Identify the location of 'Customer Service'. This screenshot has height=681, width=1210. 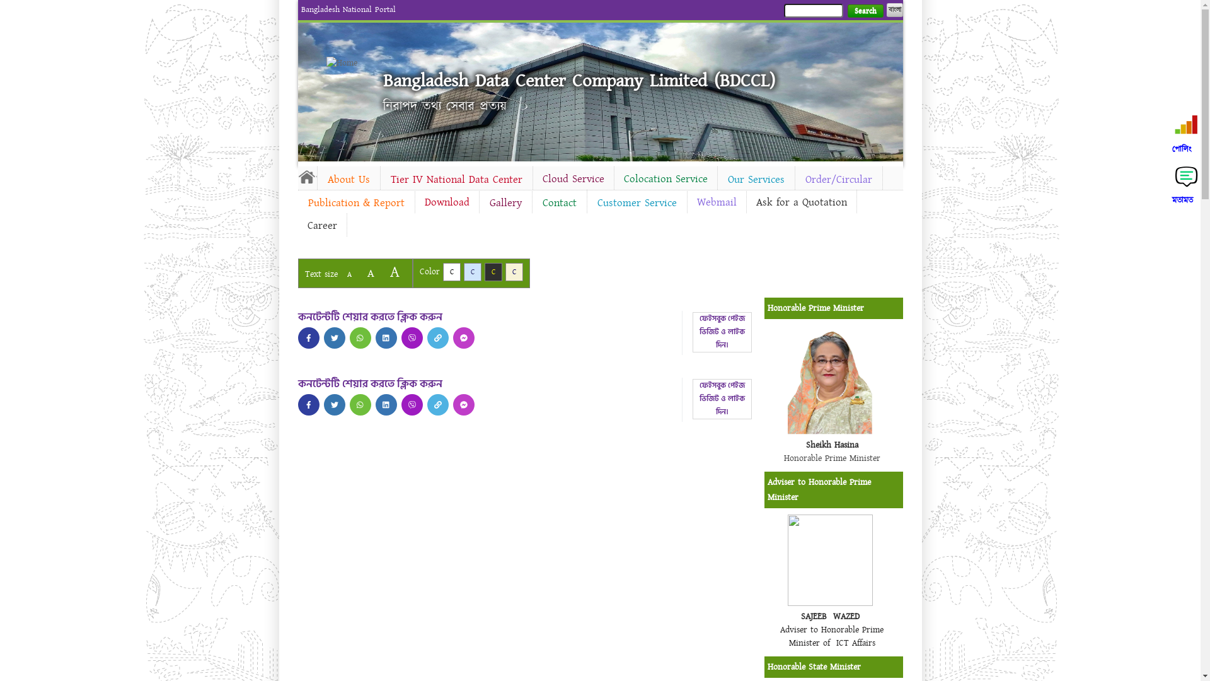
(637, 202).